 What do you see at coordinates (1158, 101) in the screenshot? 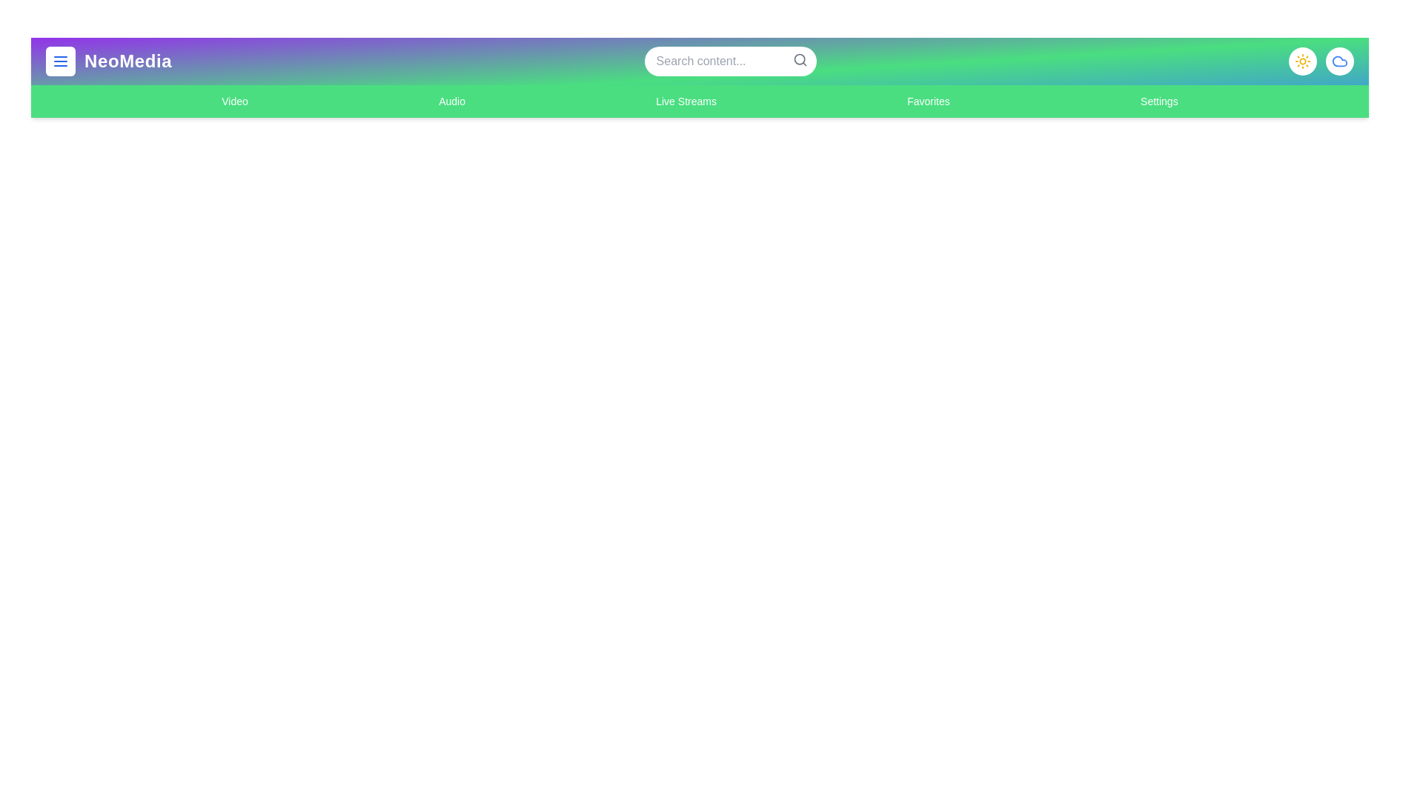
I see `the navigation link labeled Settings` at bounding box center [1158, 101].